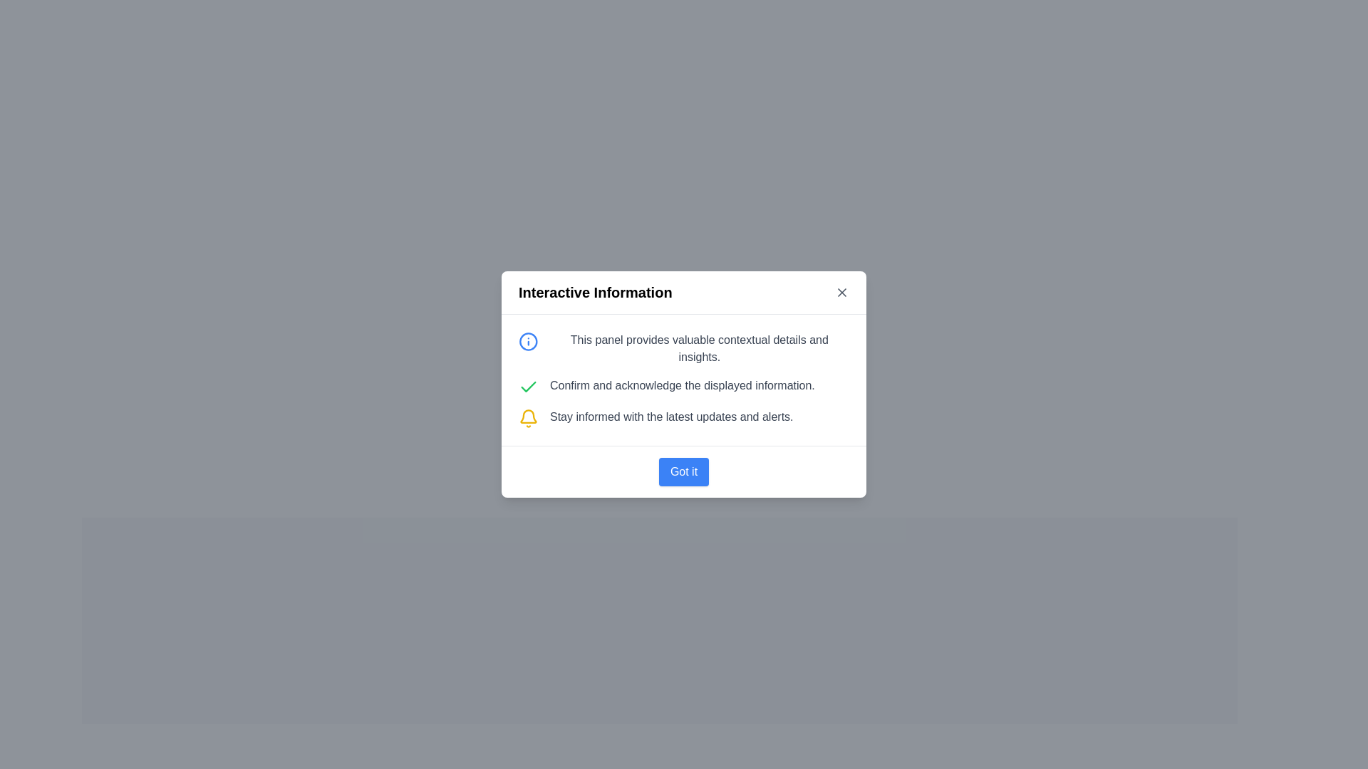 The height and width of the screenshot is (769, 1368). Describe the element at coordinates (670, 417) in the screenshot. I see `static text block displaying the message 'Stay informed with the latest updates and alerts.' which is styled in gray color and located to the right of a bell icon in the lower part of the modal` at that location.